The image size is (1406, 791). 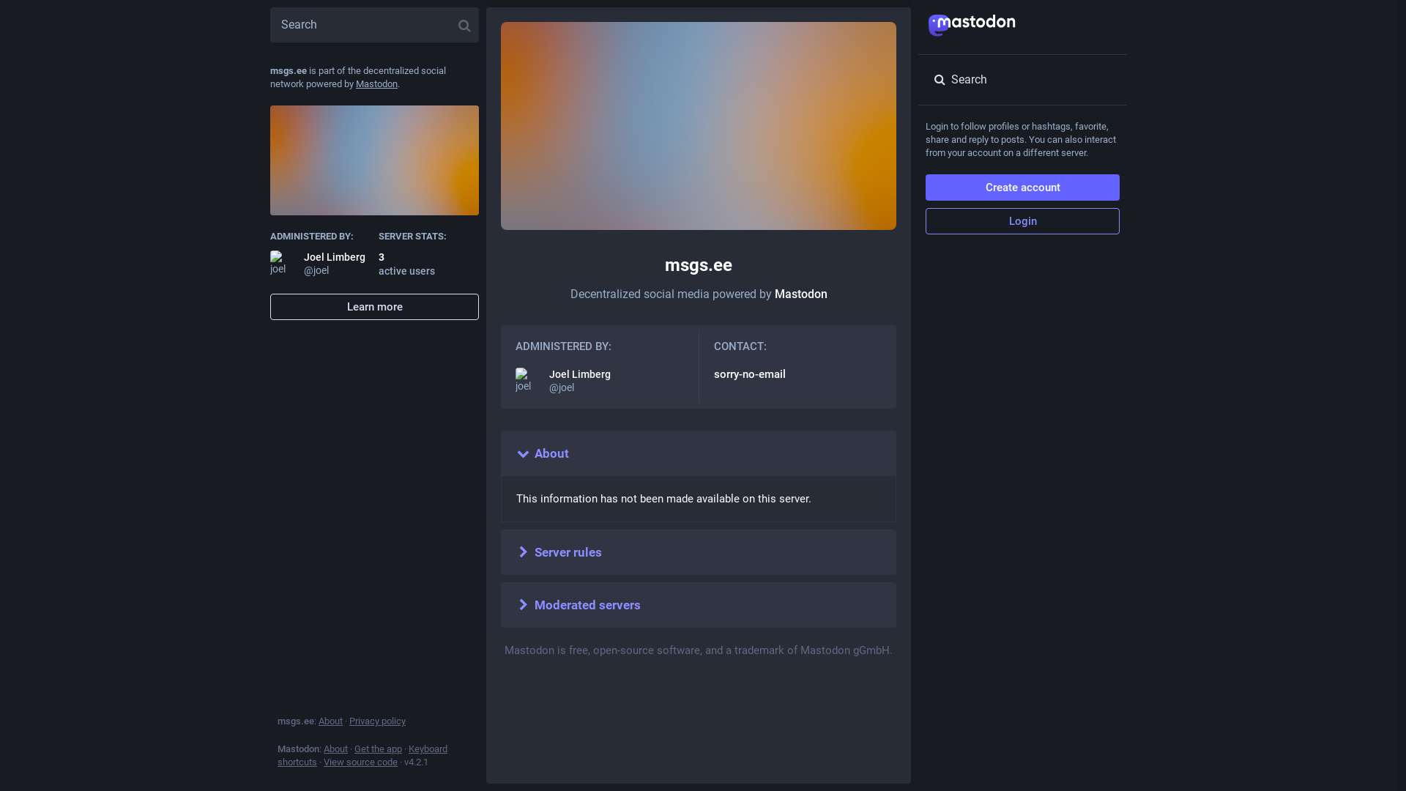 What do you see at coordinates (322, 761) in the screenshot?
I see `'View source code'` at bounding box center [322, 761].